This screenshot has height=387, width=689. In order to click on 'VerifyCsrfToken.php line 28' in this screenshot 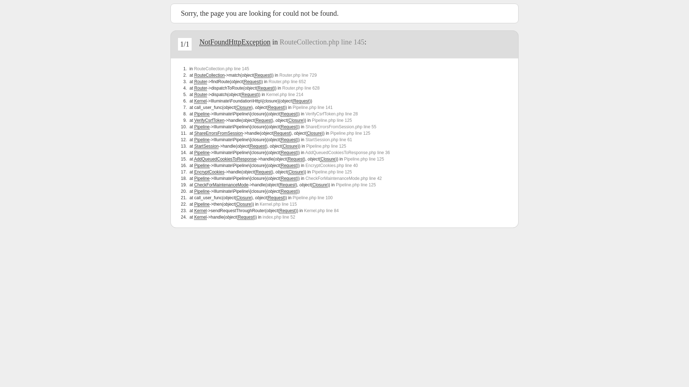, I will do `click(331, 113)`.